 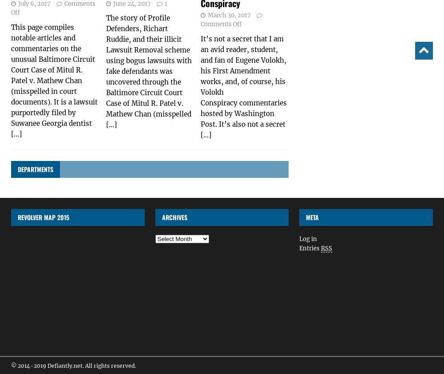 What do you see at coordinates (309, 248) in the screenshot?
I see `'Entries'` at bounding box center [309, 248].